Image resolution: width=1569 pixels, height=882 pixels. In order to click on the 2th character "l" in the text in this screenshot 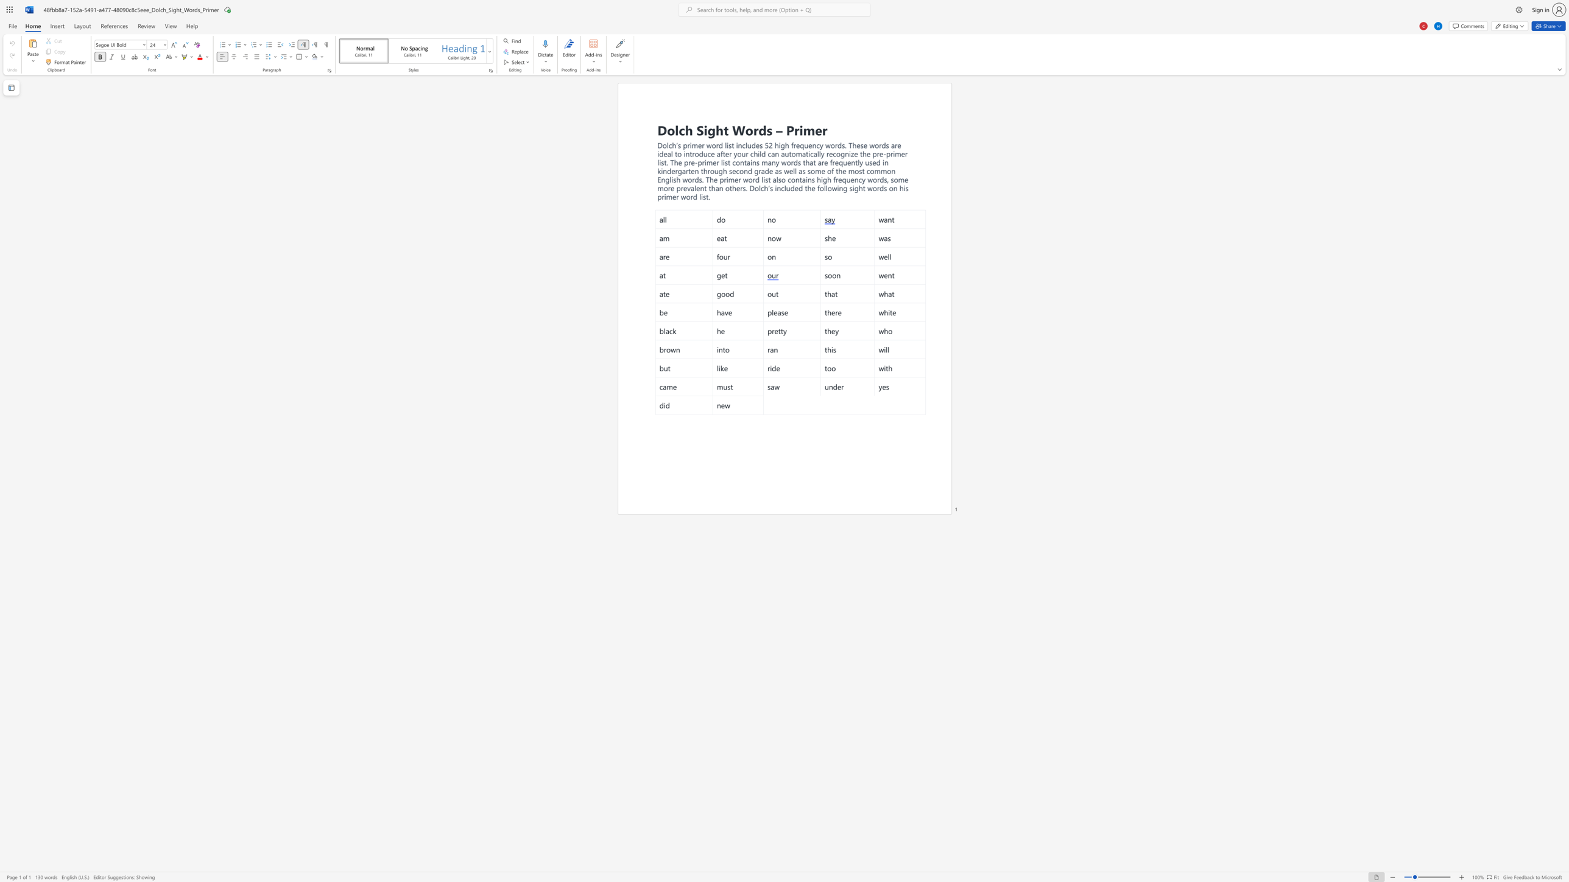, I will do `click(746, 144)`.